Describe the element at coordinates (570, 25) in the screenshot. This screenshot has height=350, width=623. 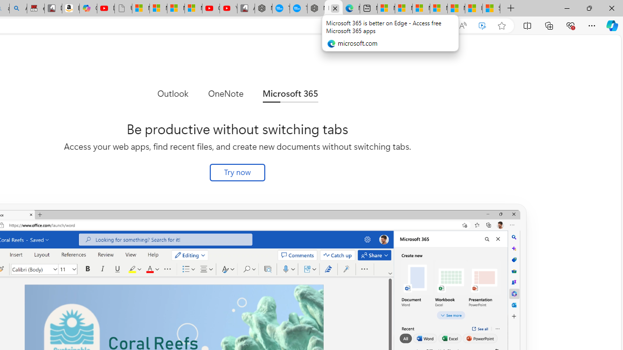
I see `'Browser essentials'` at that location.